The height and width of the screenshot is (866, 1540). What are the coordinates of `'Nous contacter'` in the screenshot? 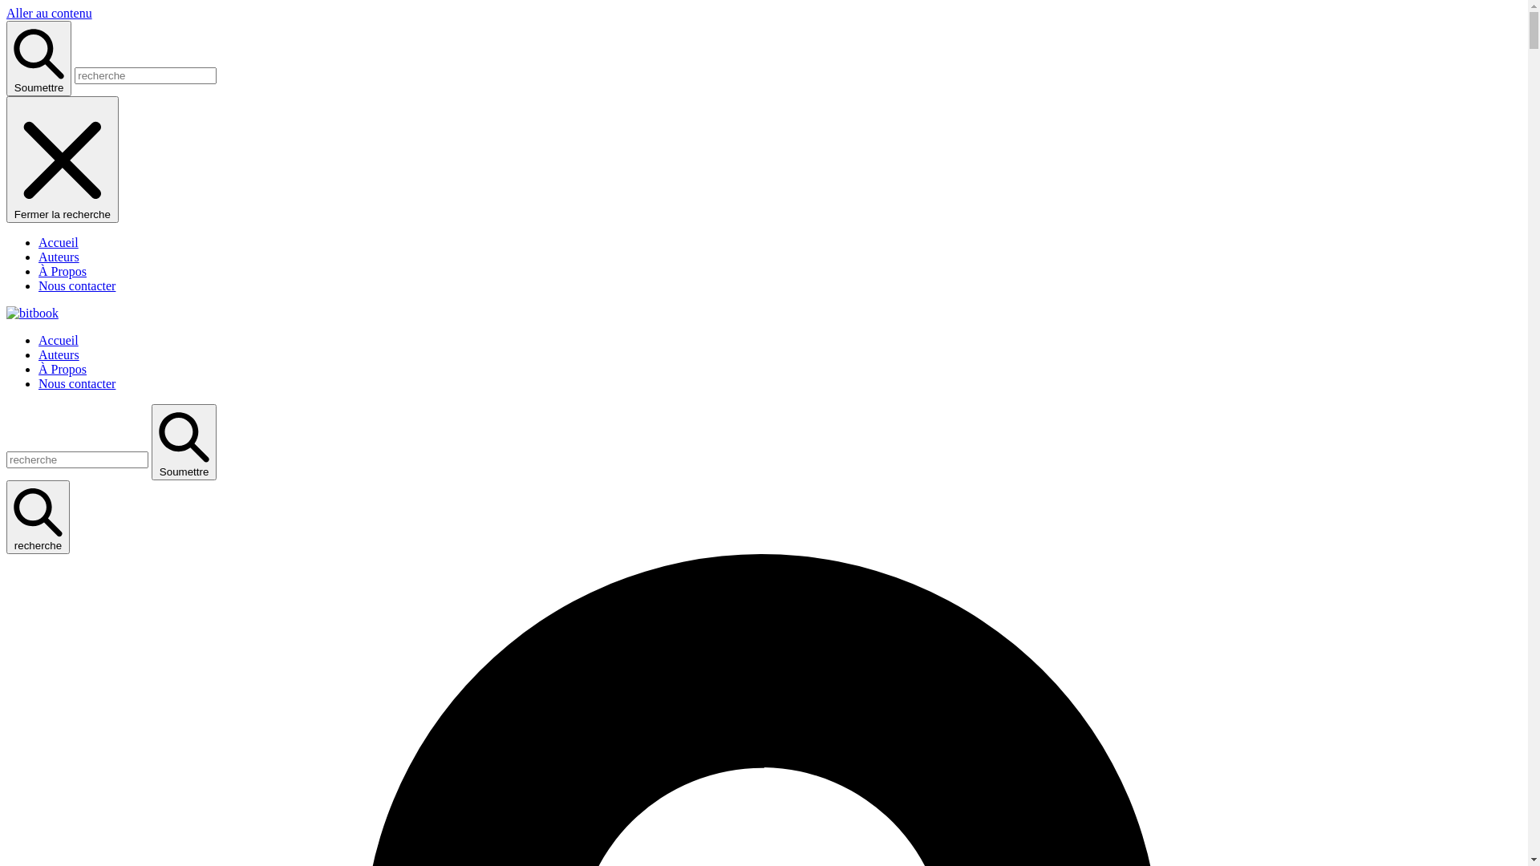 It's located at (76, 383).